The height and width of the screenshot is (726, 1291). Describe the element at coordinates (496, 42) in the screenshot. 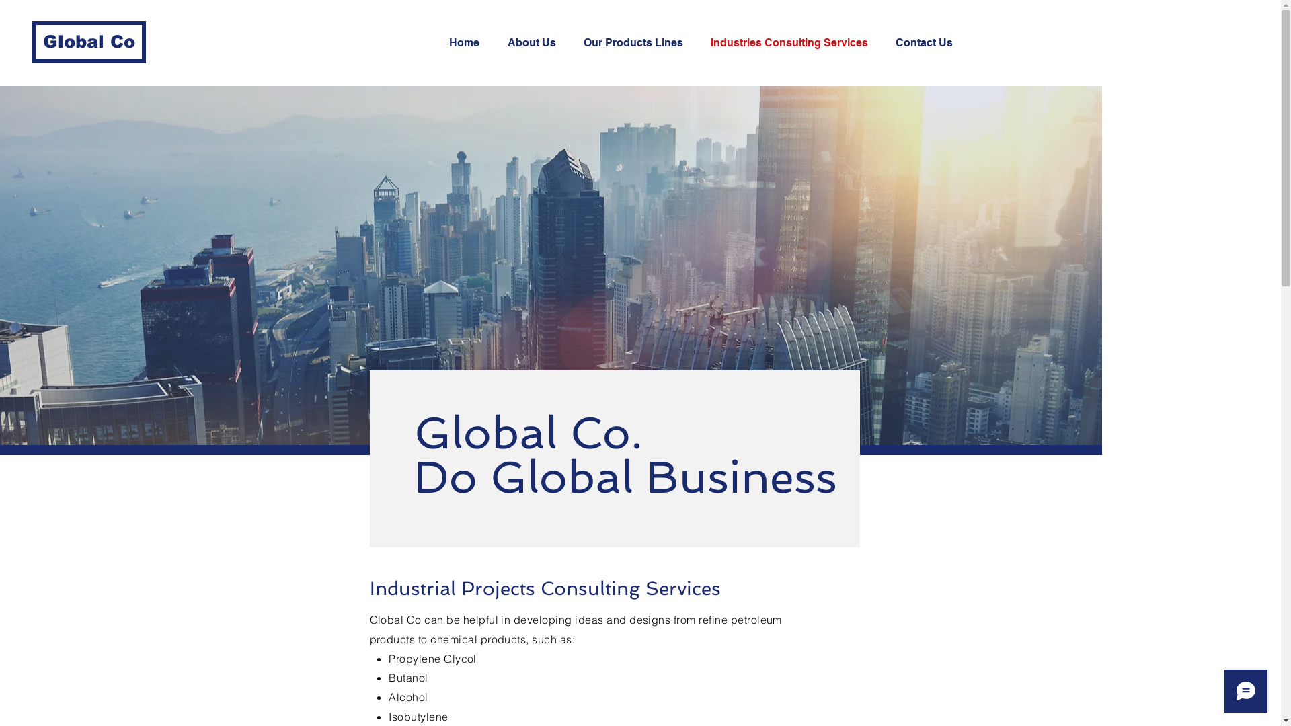

I see `'About Us'` at that location.